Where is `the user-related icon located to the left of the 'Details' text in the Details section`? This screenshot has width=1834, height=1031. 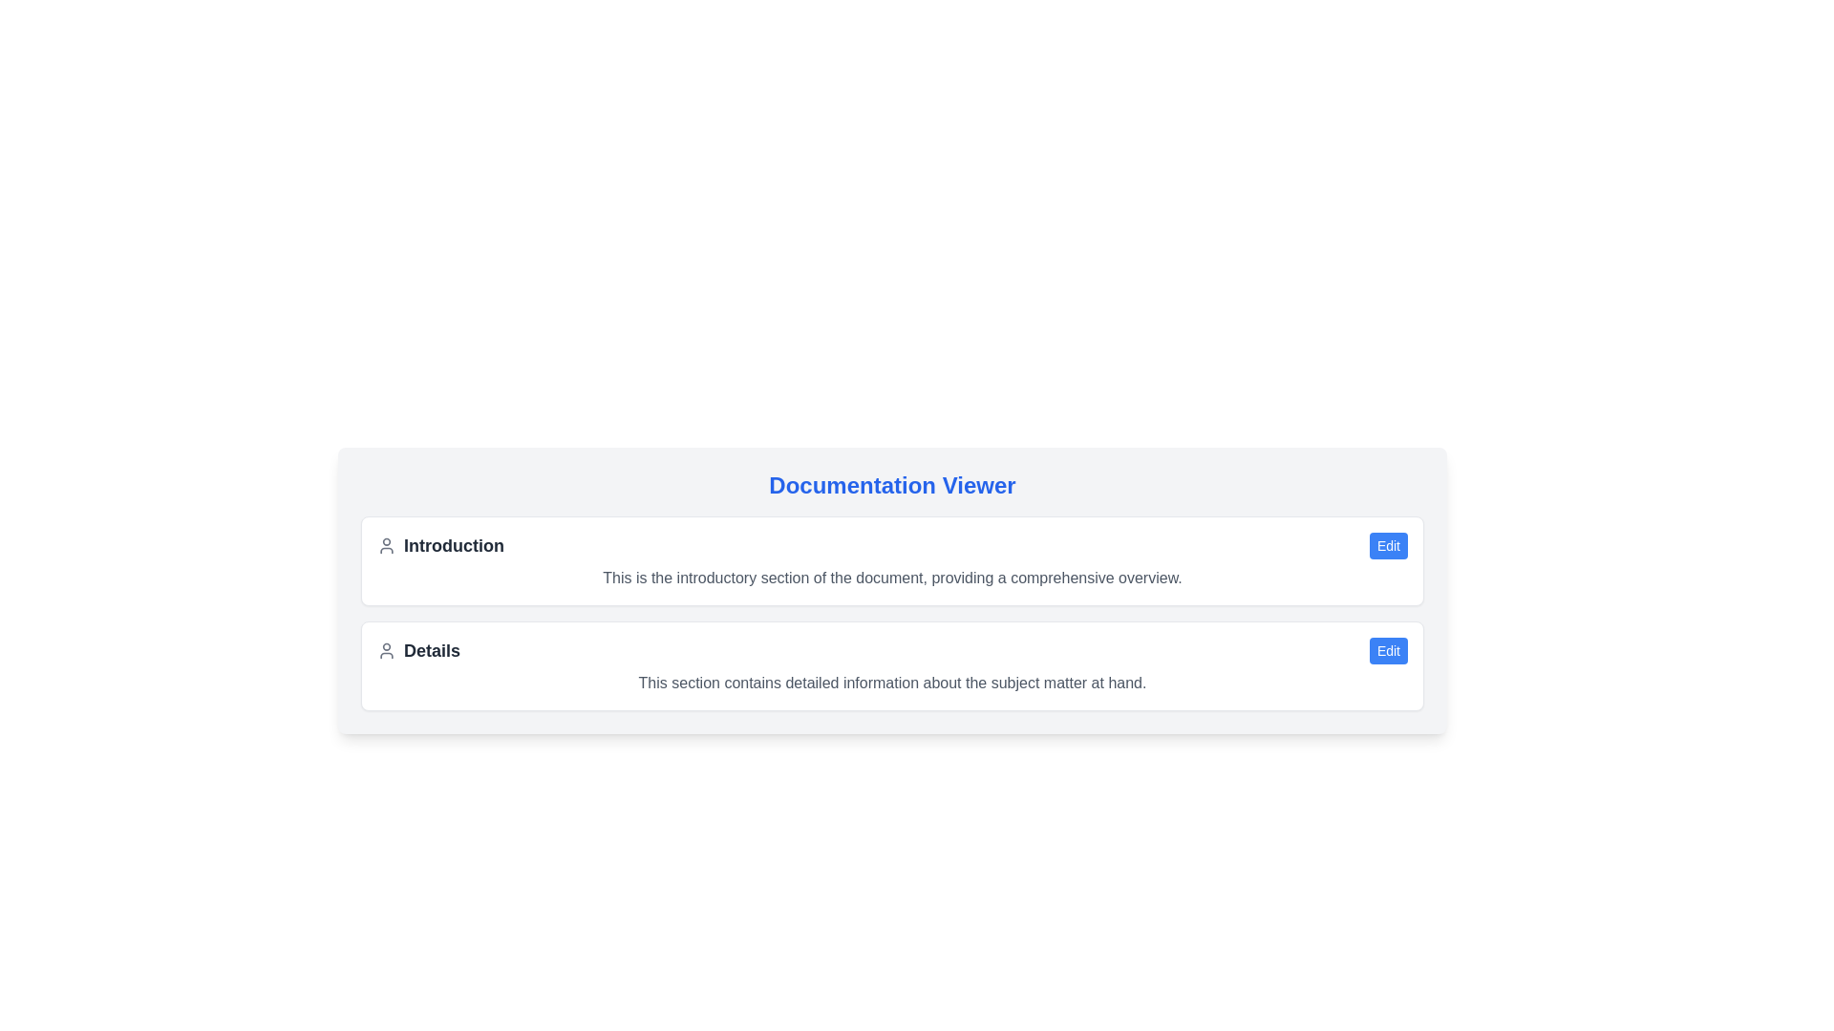
the user-related icon located to the left of the 'Details' text in the Details section is located at coordinates (385, 650).